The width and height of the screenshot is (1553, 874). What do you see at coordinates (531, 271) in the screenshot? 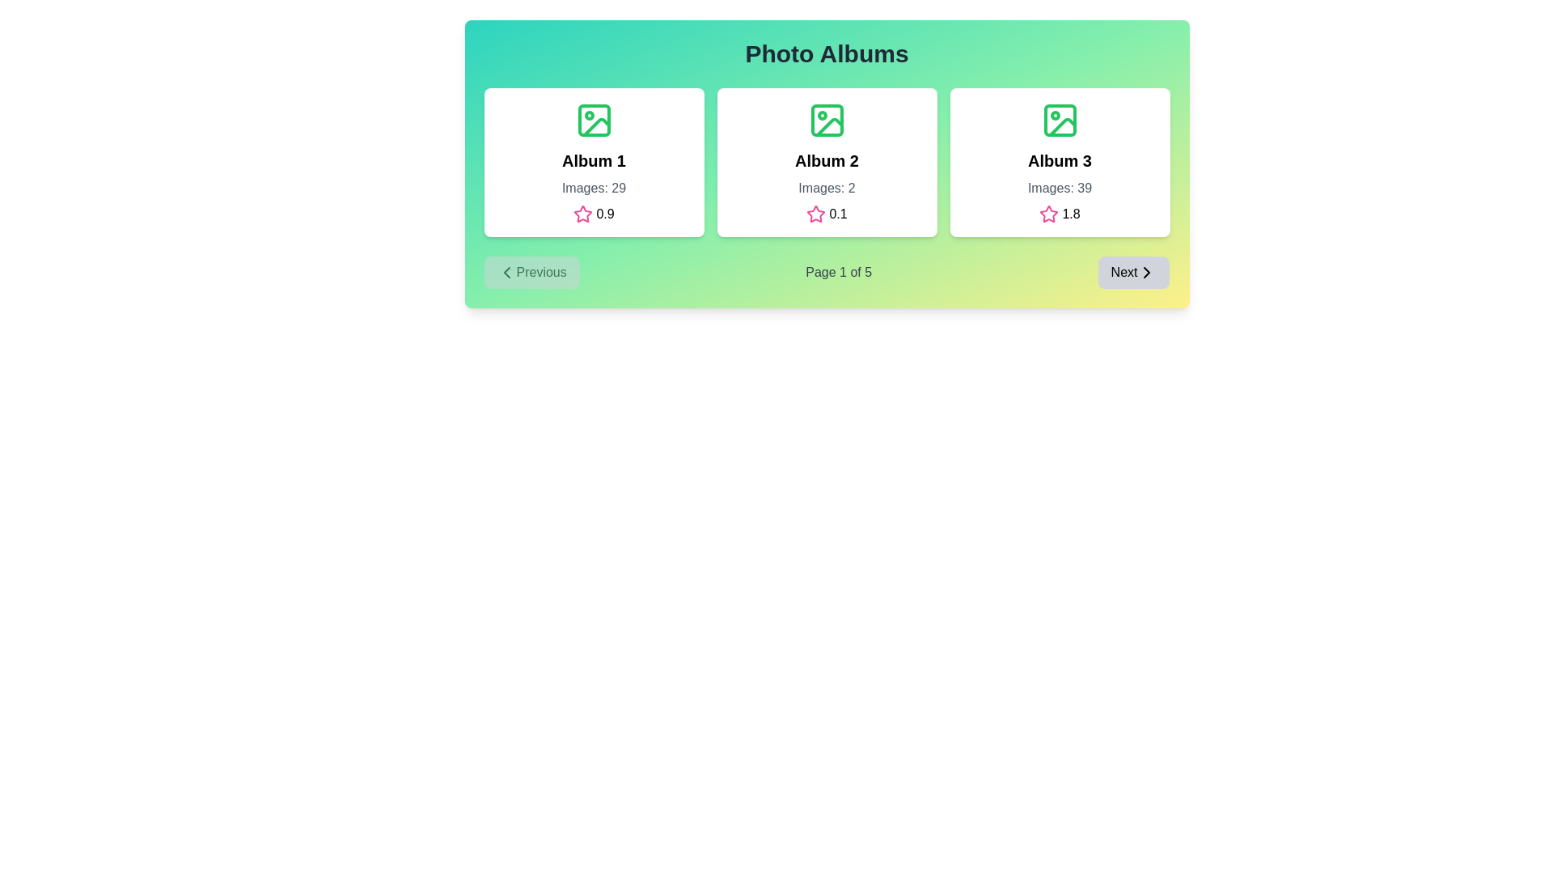
I see `the 'Previous' button in the pagination section below the 'Photo Albums' gallery` at bounding box center [531, 271].